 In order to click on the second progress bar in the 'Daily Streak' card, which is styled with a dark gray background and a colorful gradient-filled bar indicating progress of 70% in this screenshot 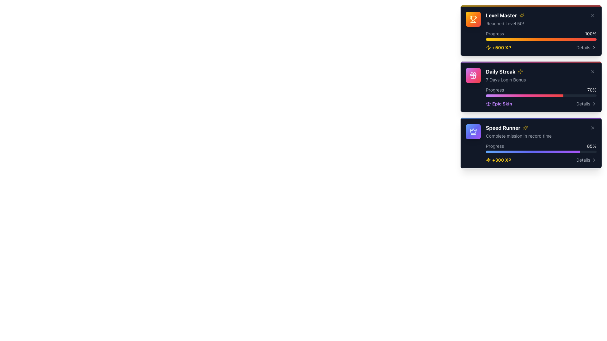, I will do `click(541, 96)`.